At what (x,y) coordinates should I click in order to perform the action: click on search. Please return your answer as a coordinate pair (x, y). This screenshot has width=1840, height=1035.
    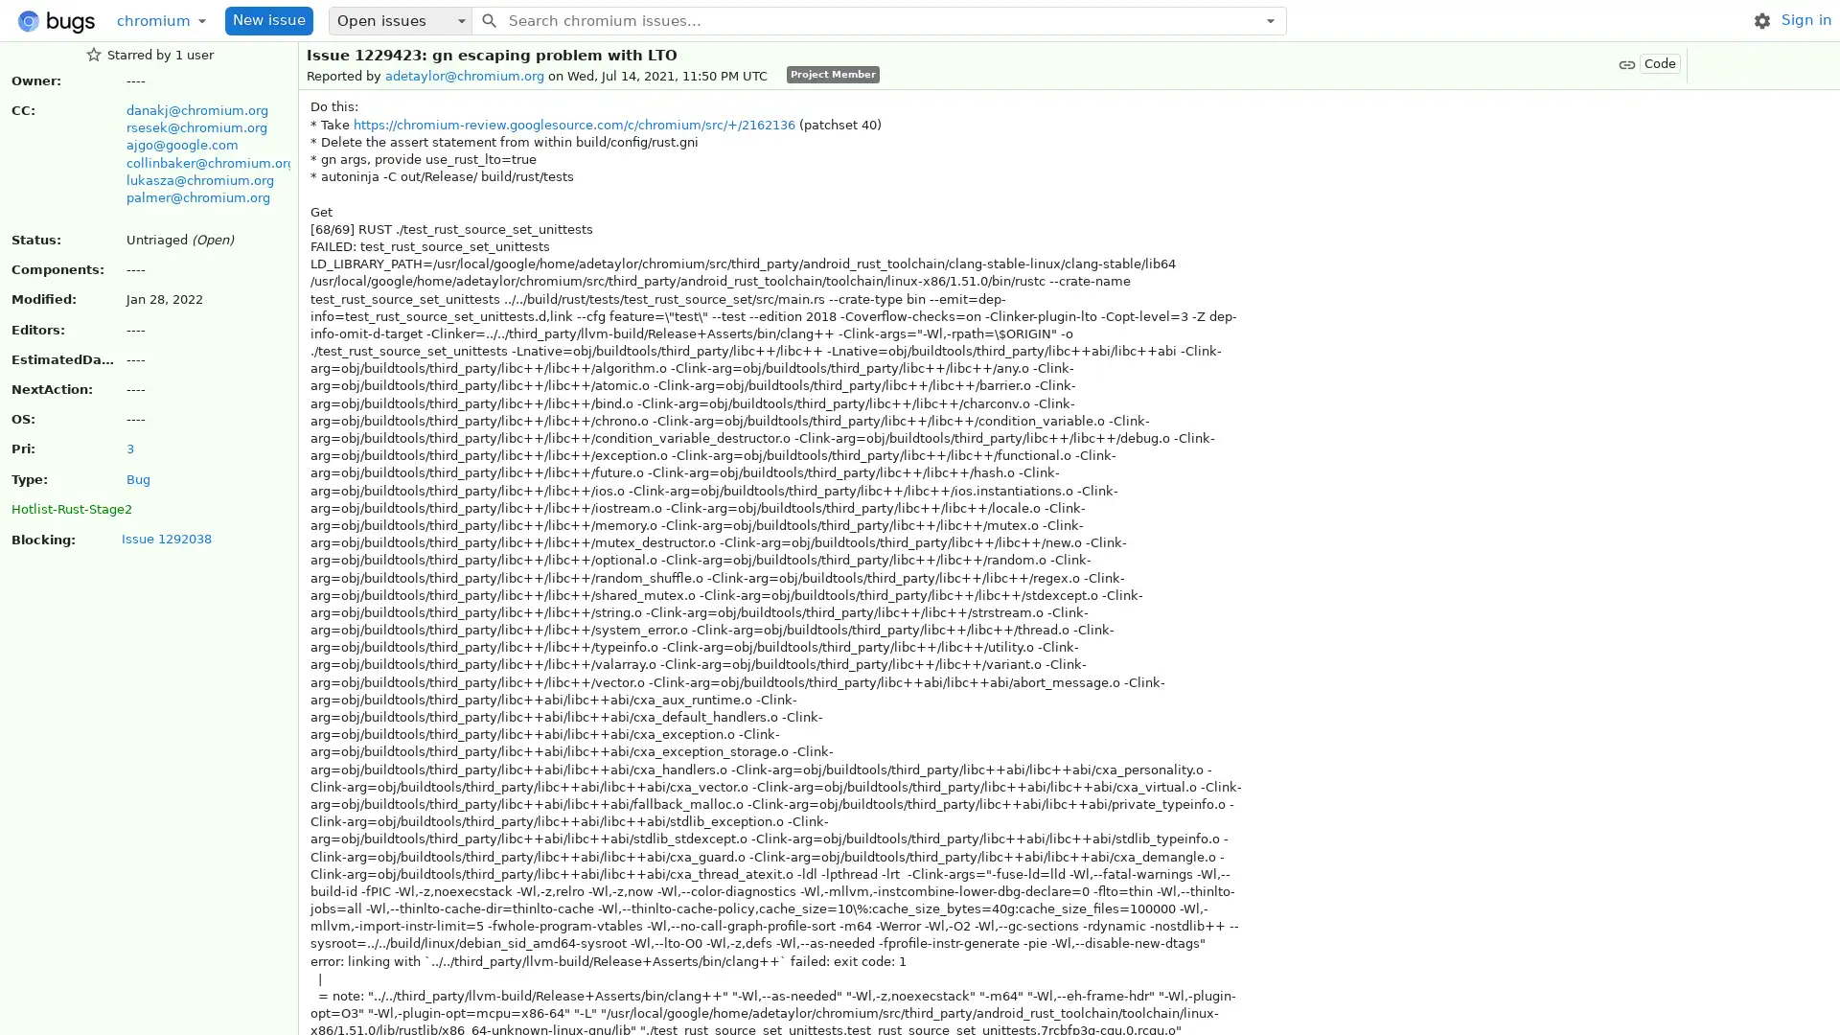
    Looking at the image, I should click on (488, 19).